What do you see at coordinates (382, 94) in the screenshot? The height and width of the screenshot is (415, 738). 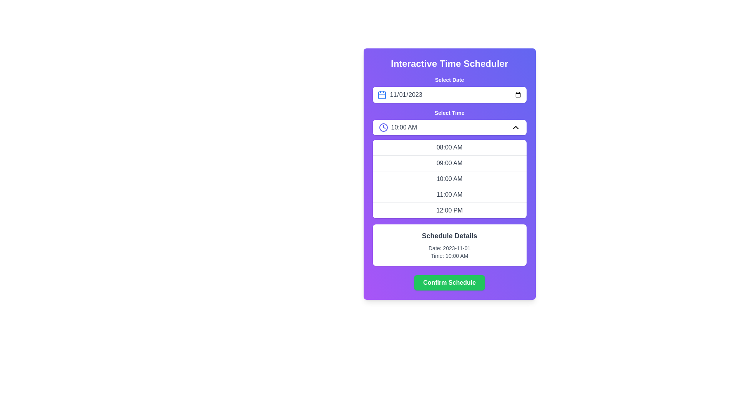 I see `the calendar icon located in the 'Select Date' section, positioned to the left of the date input field` at bounding box center [382, 94].